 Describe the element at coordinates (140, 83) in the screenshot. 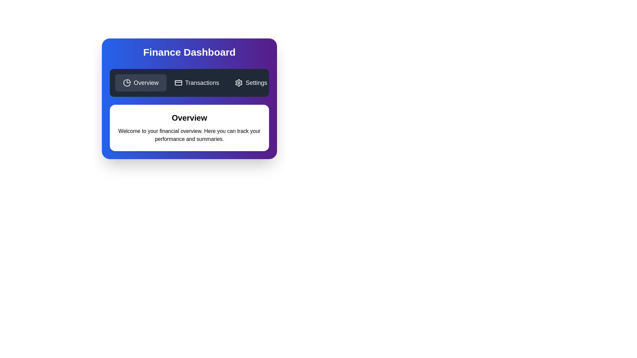

I see `the first button in the horizontal group of three buttons in the navigation bar` at that location.